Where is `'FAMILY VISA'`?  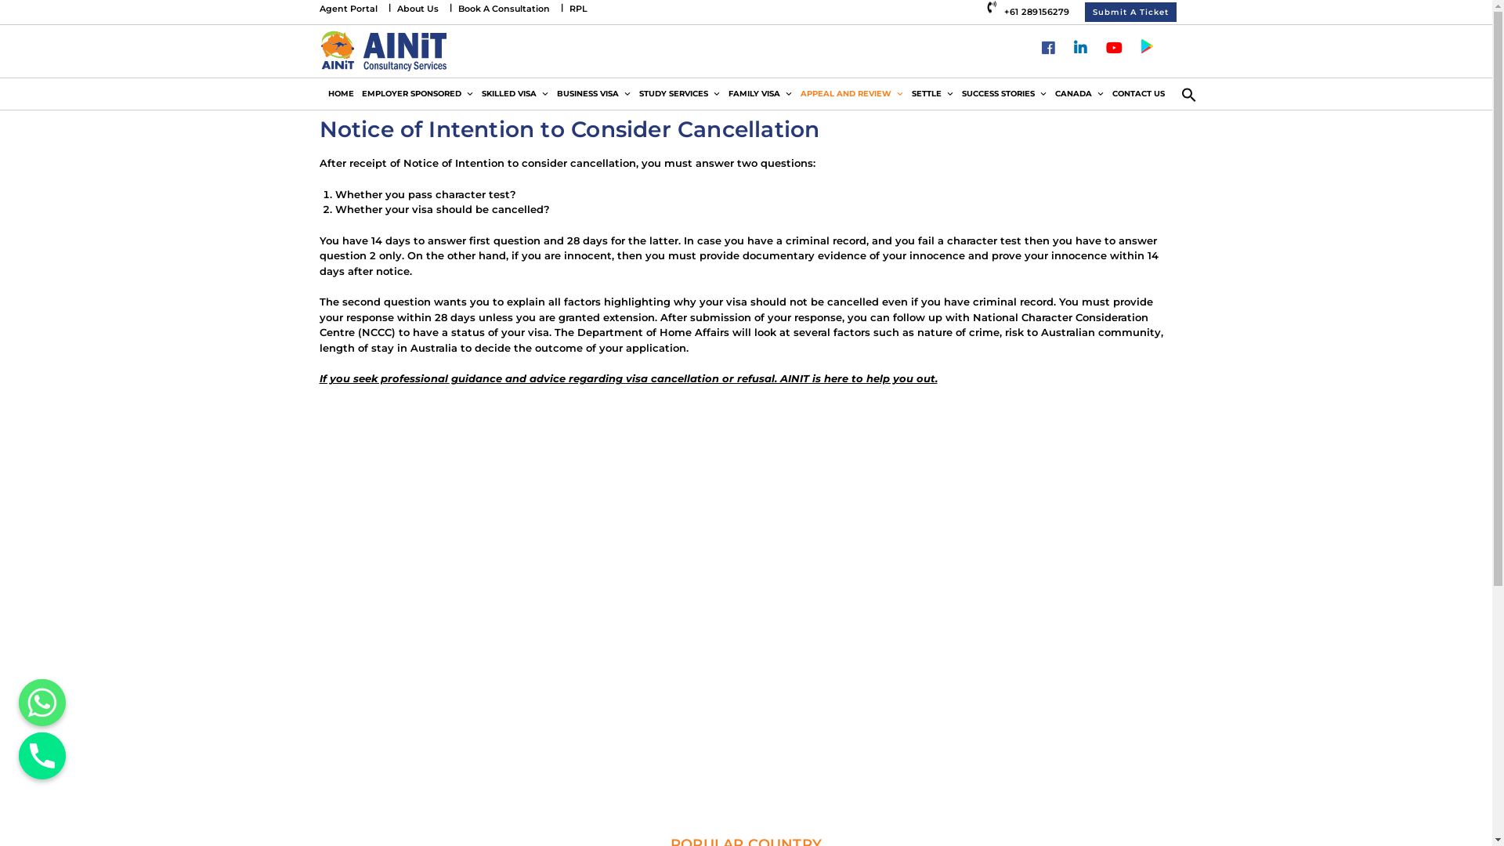
'FAMILY VISA' is located at coordinates (759, 93).